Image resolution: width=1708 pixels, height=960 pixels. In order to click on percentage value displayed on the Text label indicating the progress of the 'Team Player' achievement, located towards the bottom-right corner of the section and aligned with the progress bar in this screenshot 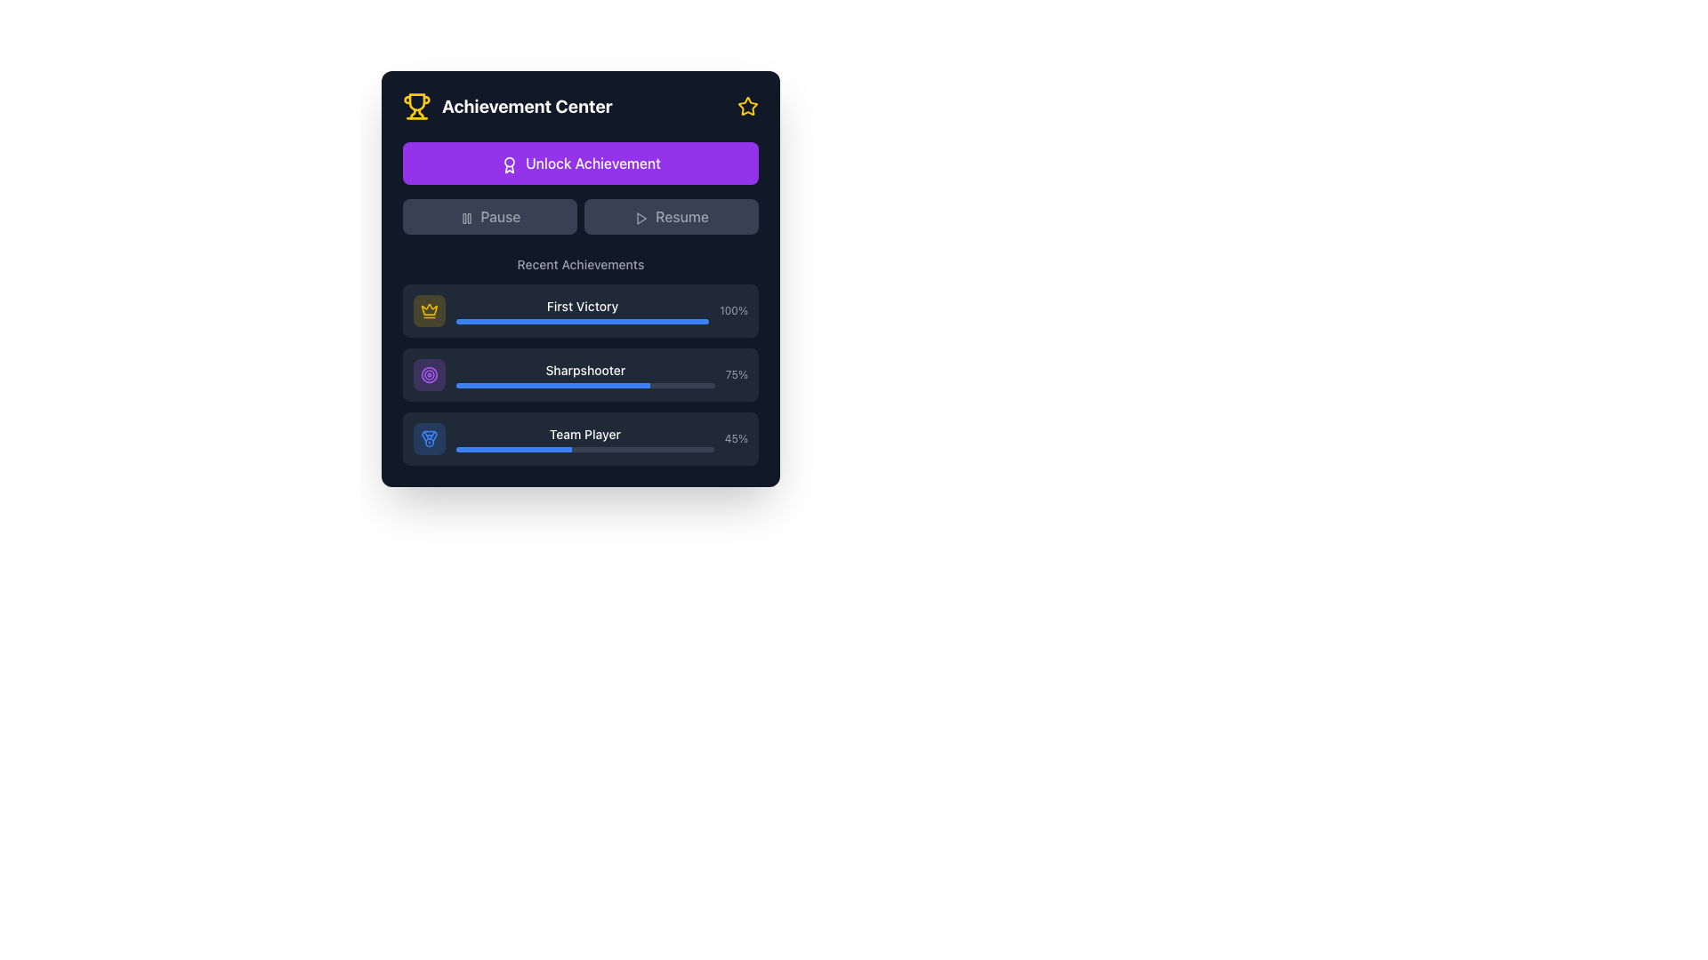, I will do `click(736, 438)`.